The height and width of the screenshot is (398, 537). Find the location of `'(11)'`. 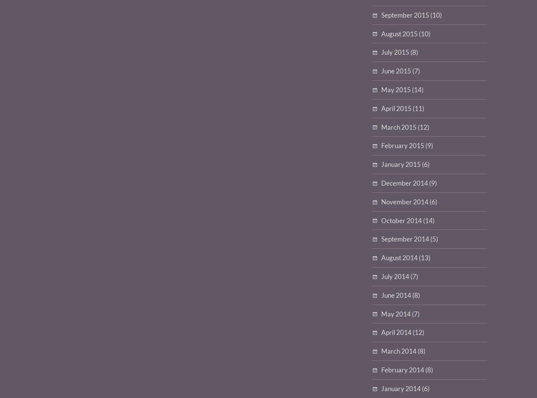

'(11)' is located at coordinates (418, 108).